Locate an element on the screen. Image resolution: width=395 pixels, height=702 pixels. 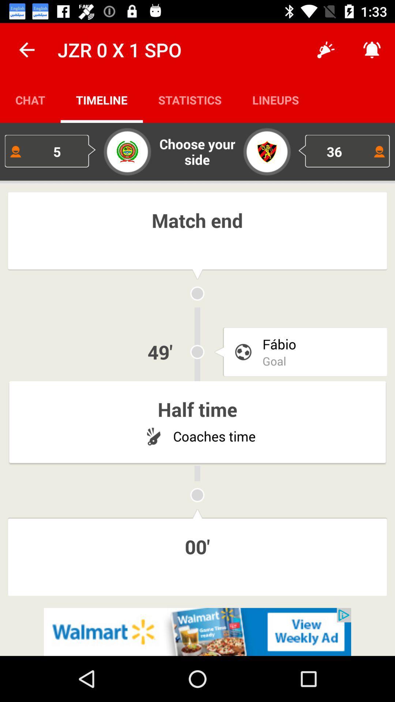
the symbol left to coaches time is located at coordinates (153, 436).